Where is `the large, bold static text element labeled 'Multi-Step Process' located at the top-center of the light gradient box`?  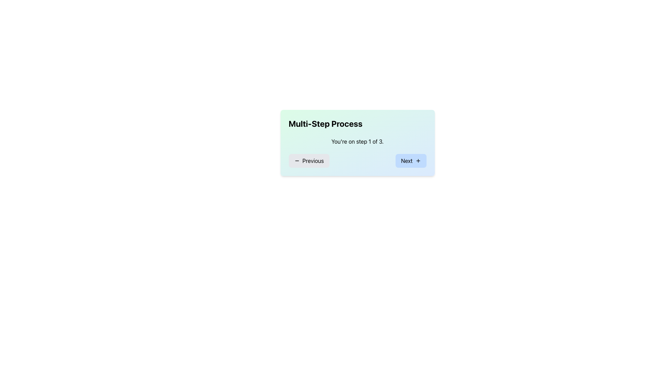 the large, bold static text element labeled 'Multi-Step Process' located at the top-center of the light gradient box is located at coordinates (325, 123).